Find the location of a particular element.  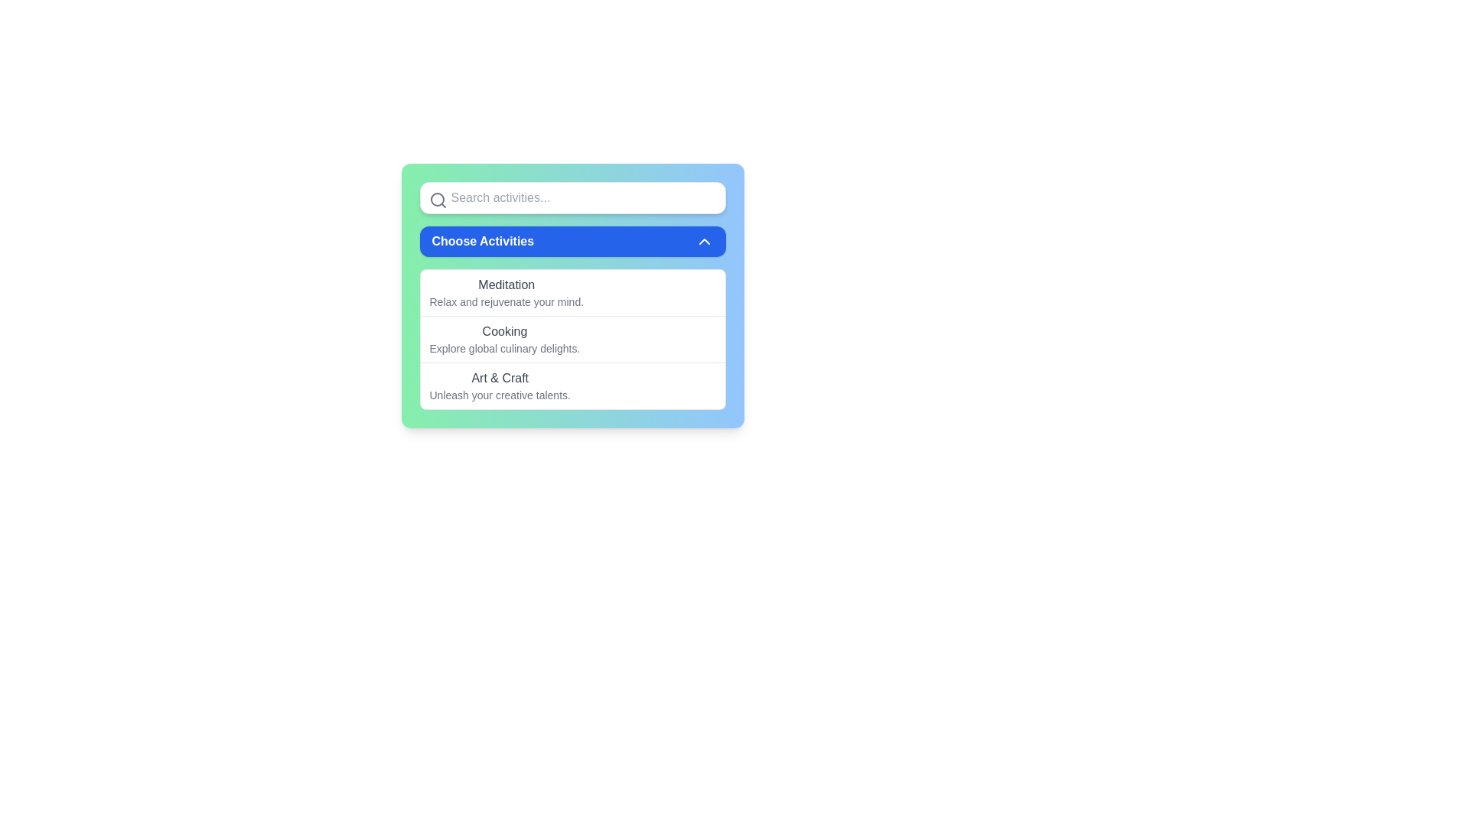

the dropdown toggle button located directly below the 'Search activities...' bar is located at coordinates (572, 241).